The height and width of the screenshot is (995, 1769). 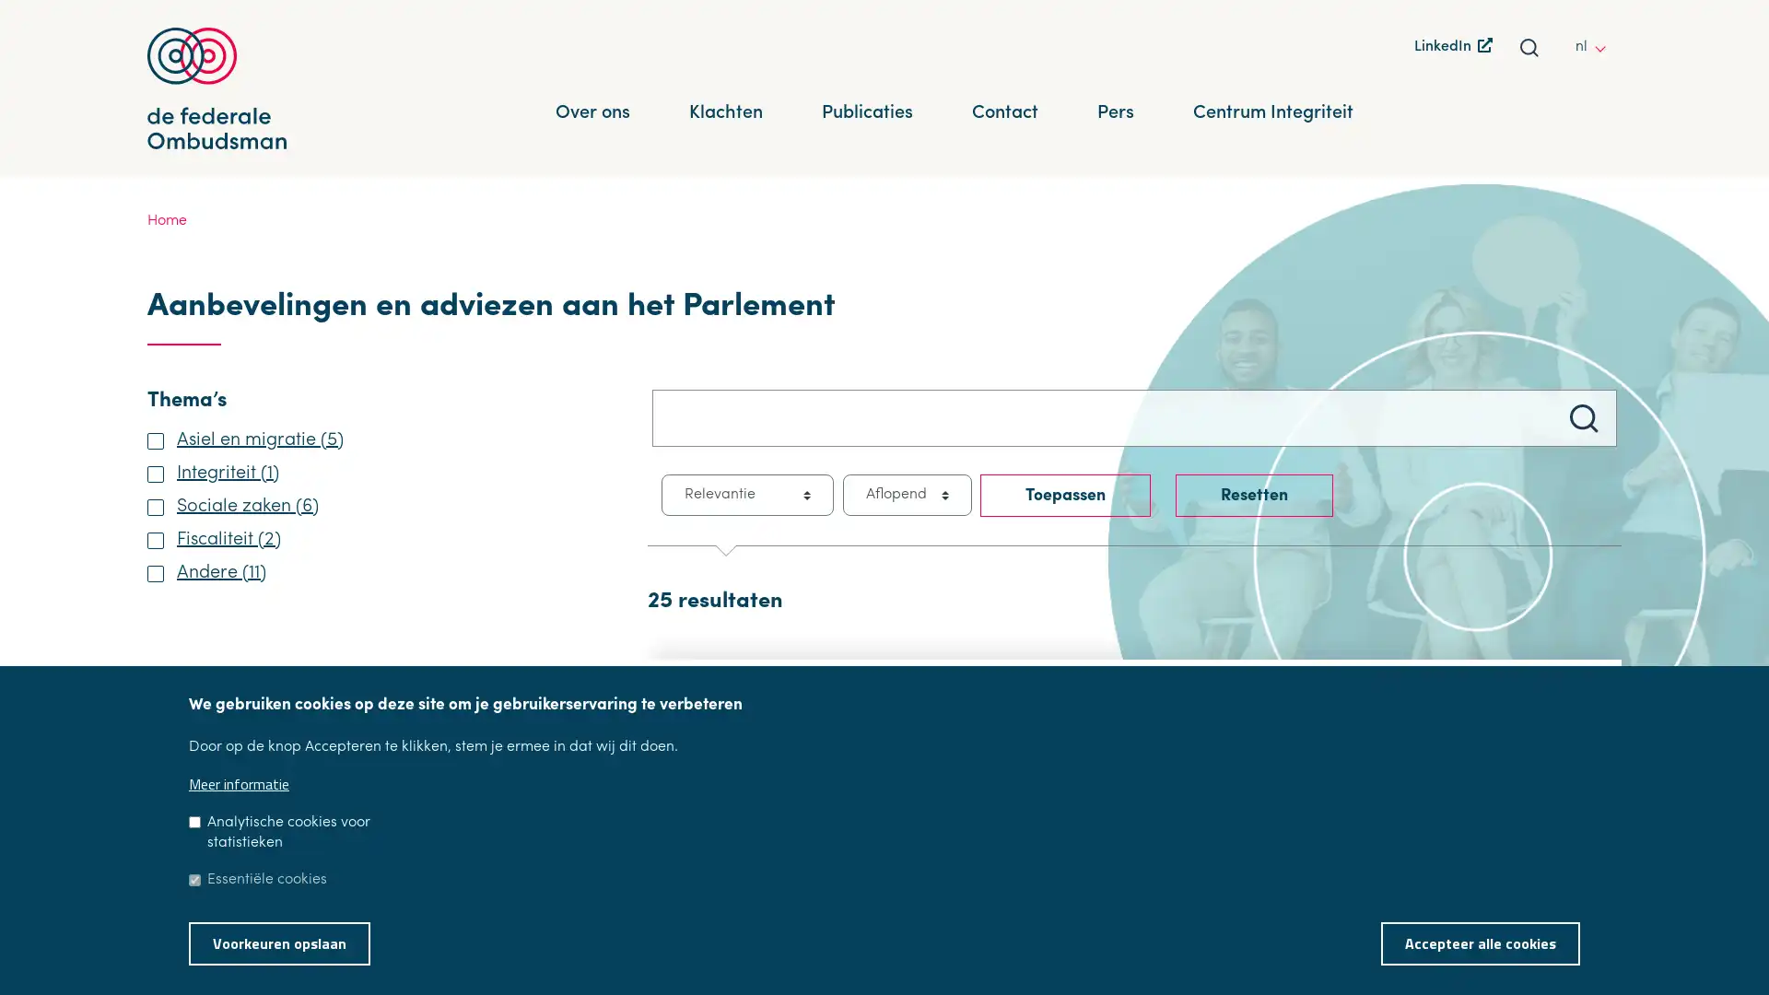 What do you see at coordinates (1065, 494) in the screenshot?
I see `Toepassen` at bounding box center [1065, 494].